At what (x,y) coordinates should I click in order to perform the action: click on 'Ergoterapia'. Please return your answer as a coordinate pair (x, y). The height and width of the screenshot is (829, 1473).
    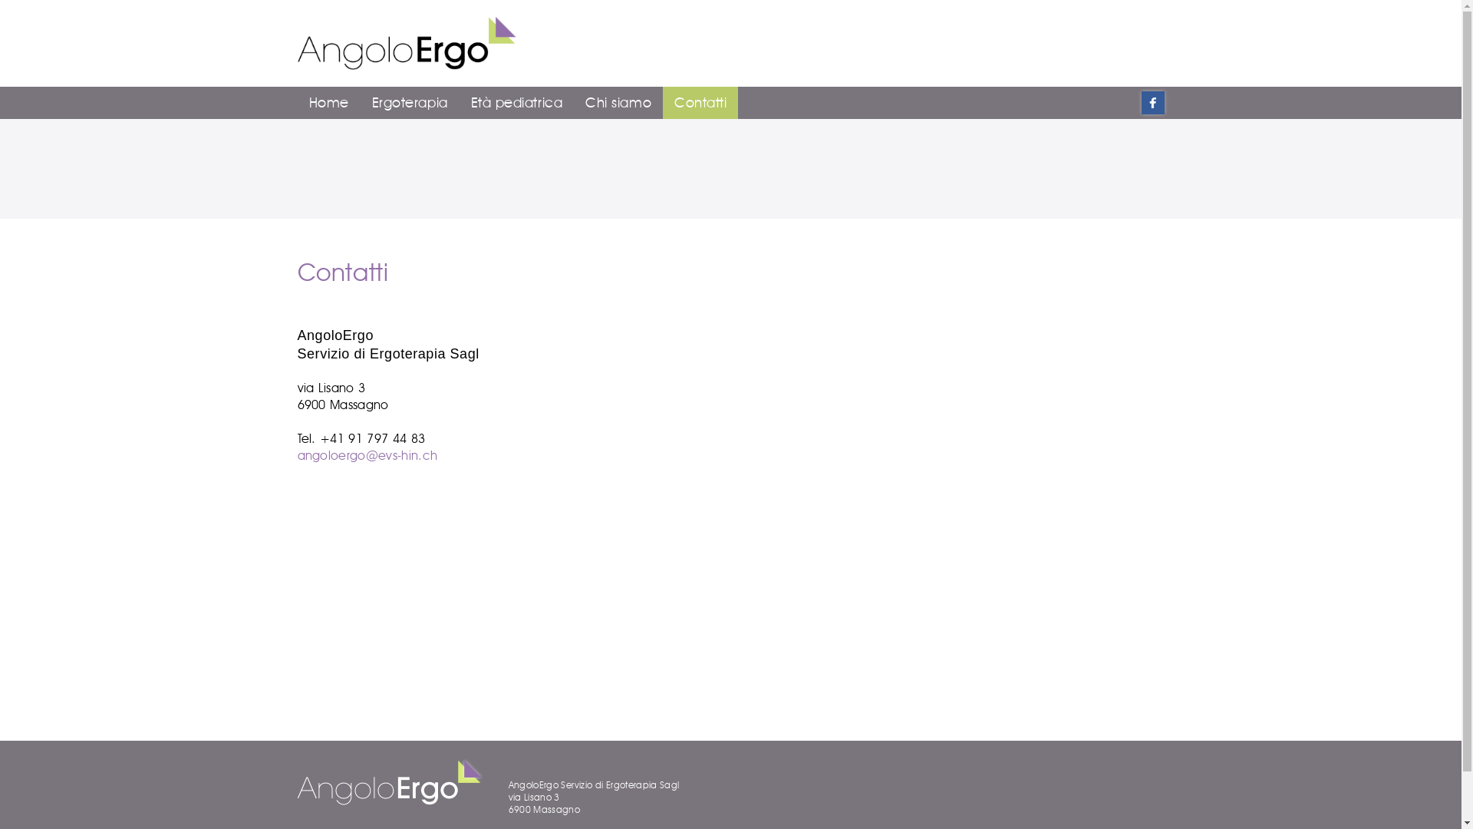
    Looking at the image, I should click on (410, 103).